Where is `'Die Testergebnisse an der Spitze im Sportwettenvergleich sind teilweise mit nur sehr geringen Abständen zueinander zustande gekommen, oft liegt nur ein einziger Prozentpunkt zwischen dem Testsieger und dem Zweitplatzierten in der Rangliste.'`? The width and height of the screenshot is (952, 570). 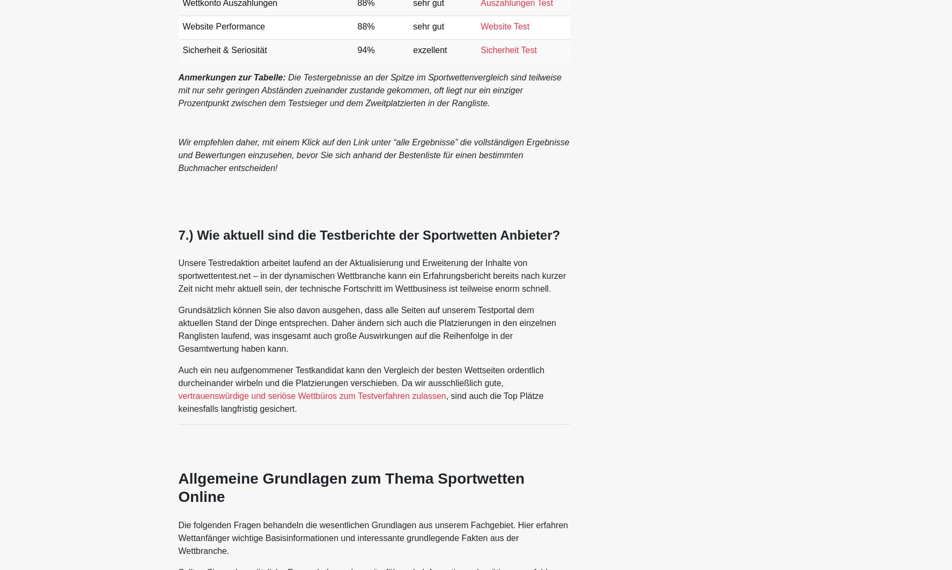 'Die Testergebnisse an der Spitze im Sportwettenvergleich sind teilweise mit nur sehr geringen Abständen zueinander zustande gekommen, oft liegt nur ein einziger Prozentpunkt zwischen dem Testsieger und dem Zweitplatzierten in der Rangliste.' is located at coordinates (369, 90).